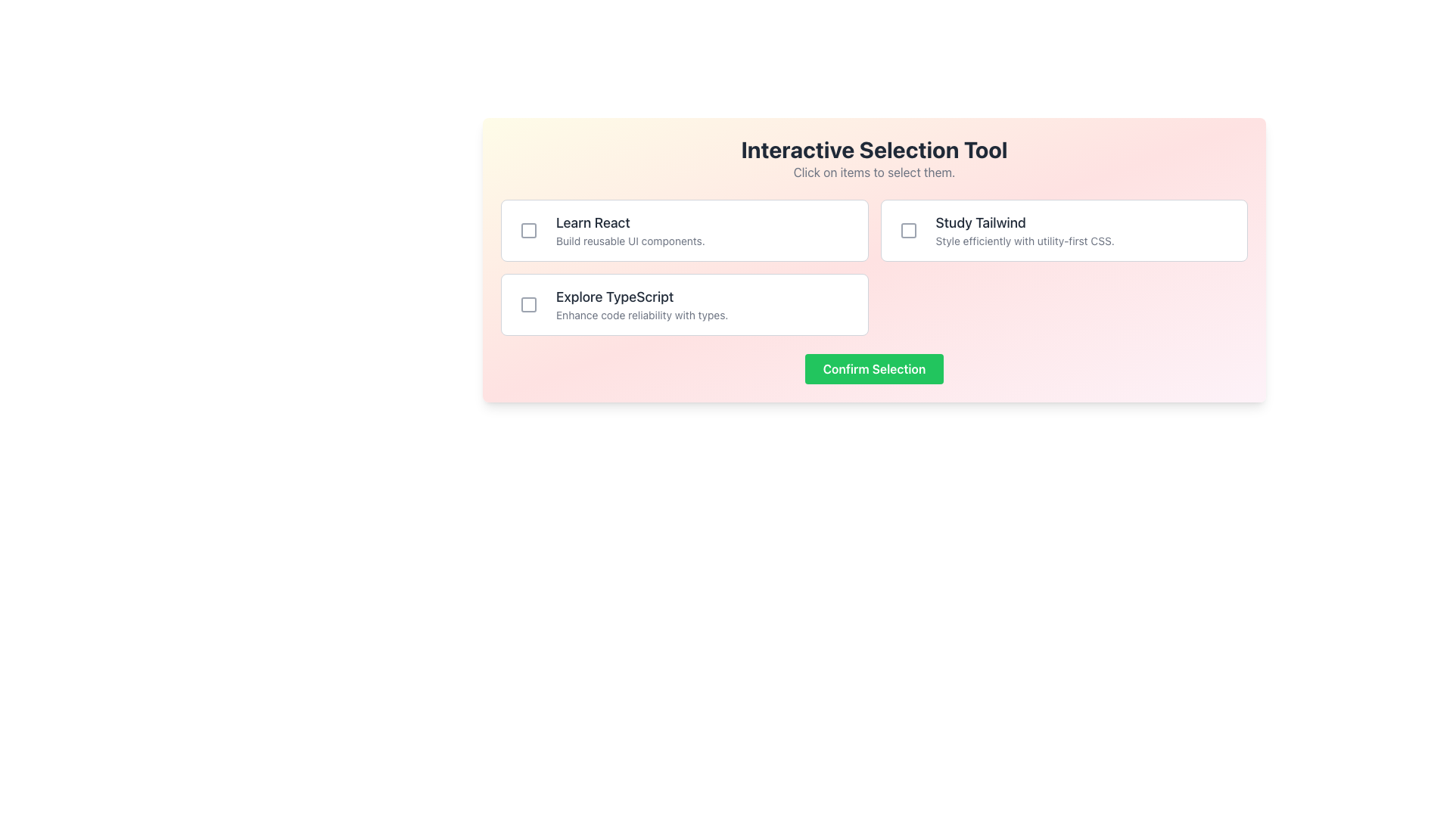 The image size is (1453, 817). I want to click on the bold, large-sized text 'Interactive Selection Tool' which is dark gray and centered at the top of the interactive panel, so click(874, 149).